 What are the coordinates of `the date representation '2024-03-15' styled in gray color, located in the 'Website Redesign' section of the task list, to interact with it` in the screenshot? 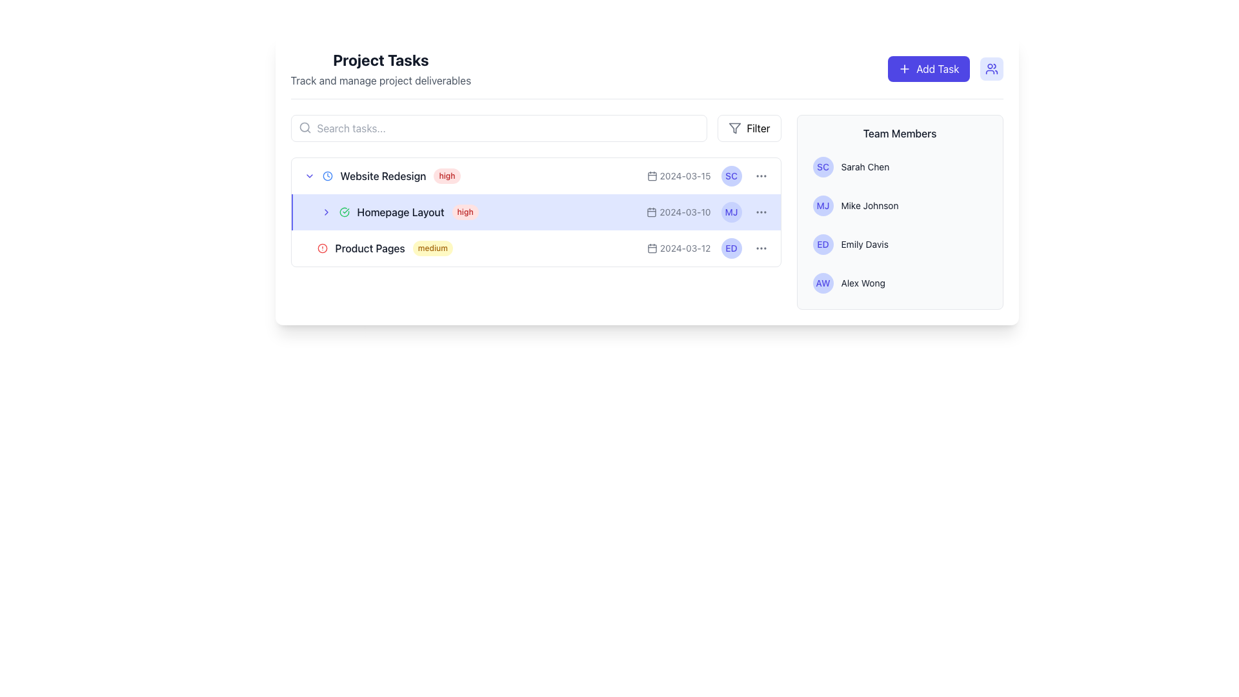 It's located at (678, 176).